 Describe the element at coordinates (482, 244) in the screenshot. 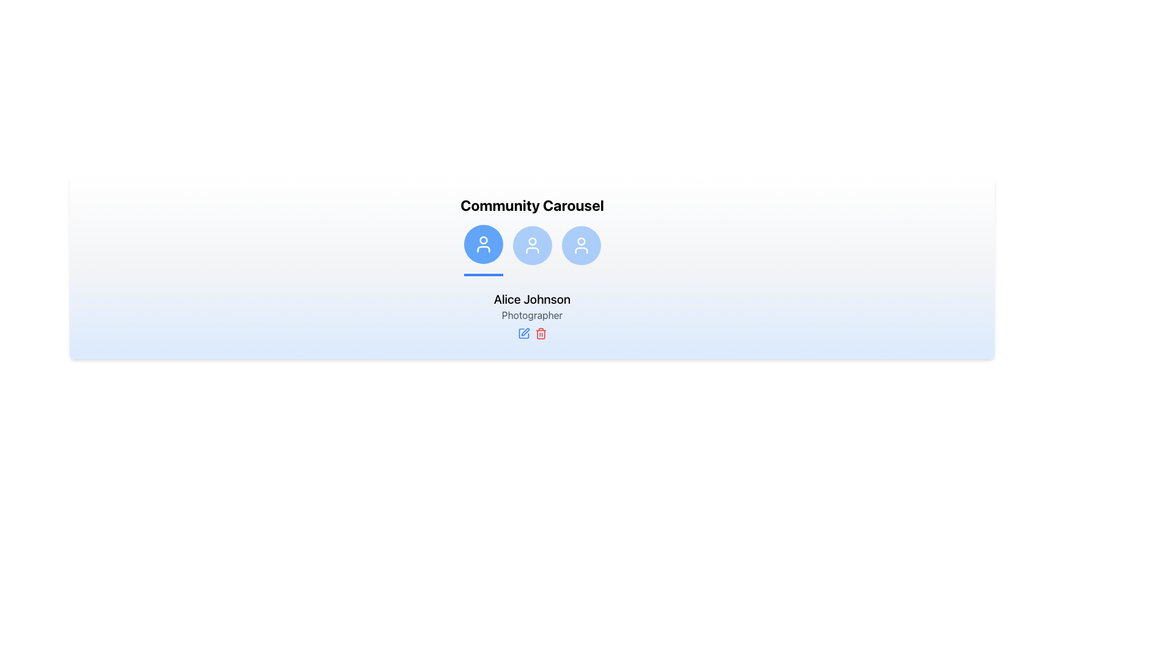

I see `the user profile icon, which is the first blue circular icon from the left` at that location.